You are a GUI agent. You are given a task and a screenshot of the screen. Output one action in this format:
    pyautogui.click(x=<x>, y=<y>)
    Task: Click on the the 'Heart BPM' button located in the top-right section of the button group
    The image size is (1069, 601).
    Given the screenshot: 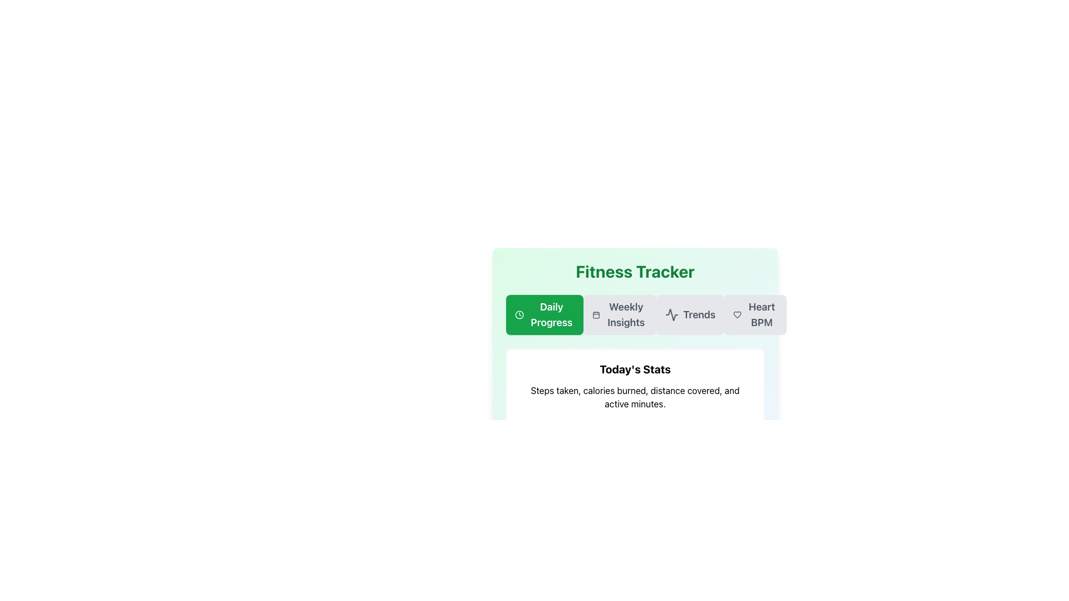 What is the action you would take?
    pyautogui.click(x=755, y=315)
    